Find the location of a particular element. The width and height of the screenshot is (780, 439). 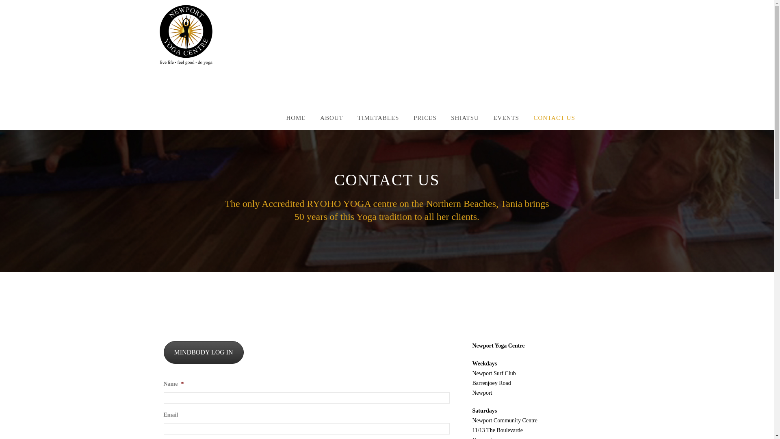

'EVENTS' is located at coordinates (506, 122).